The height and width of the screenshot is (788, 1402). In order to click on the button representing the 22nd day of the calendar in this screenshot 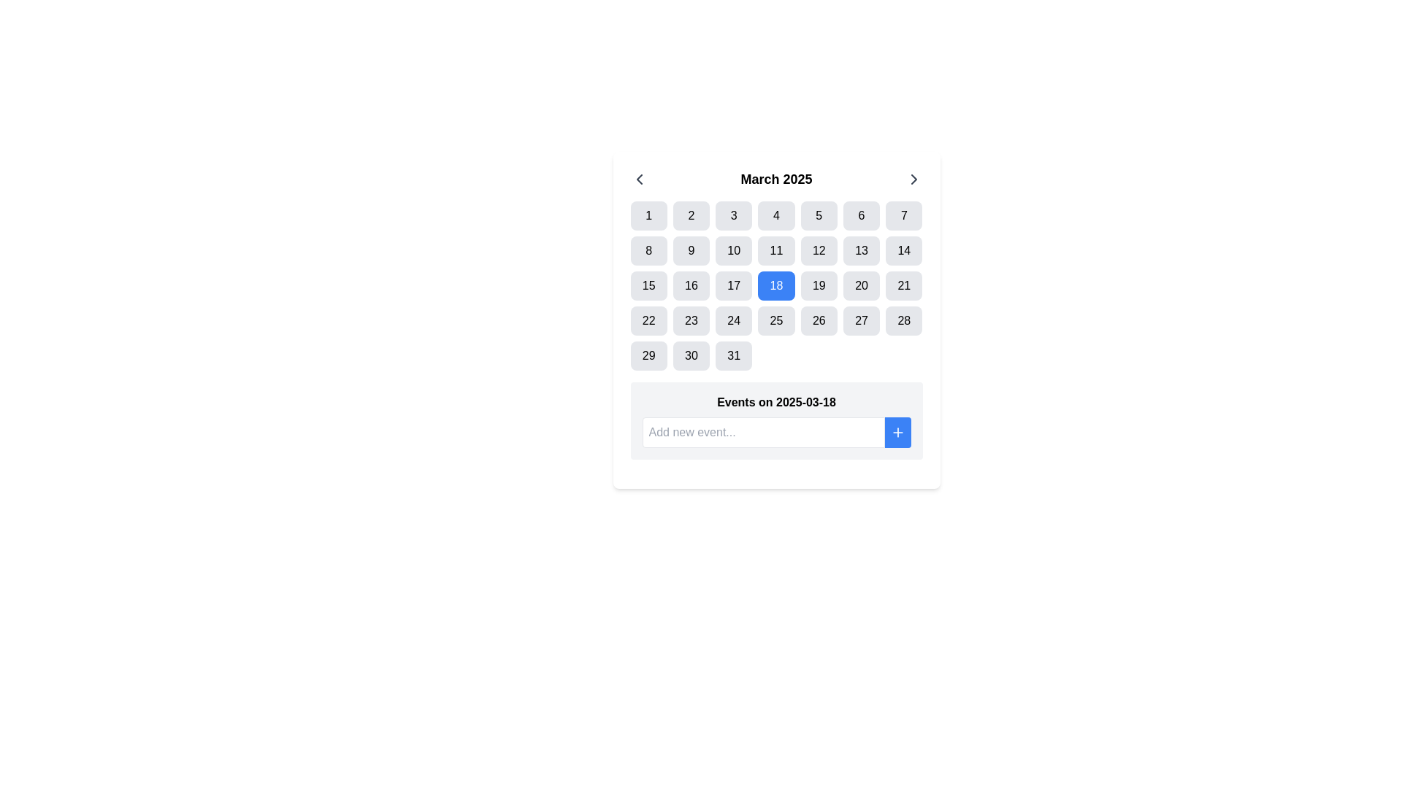, I will do `click(648, 320)`.